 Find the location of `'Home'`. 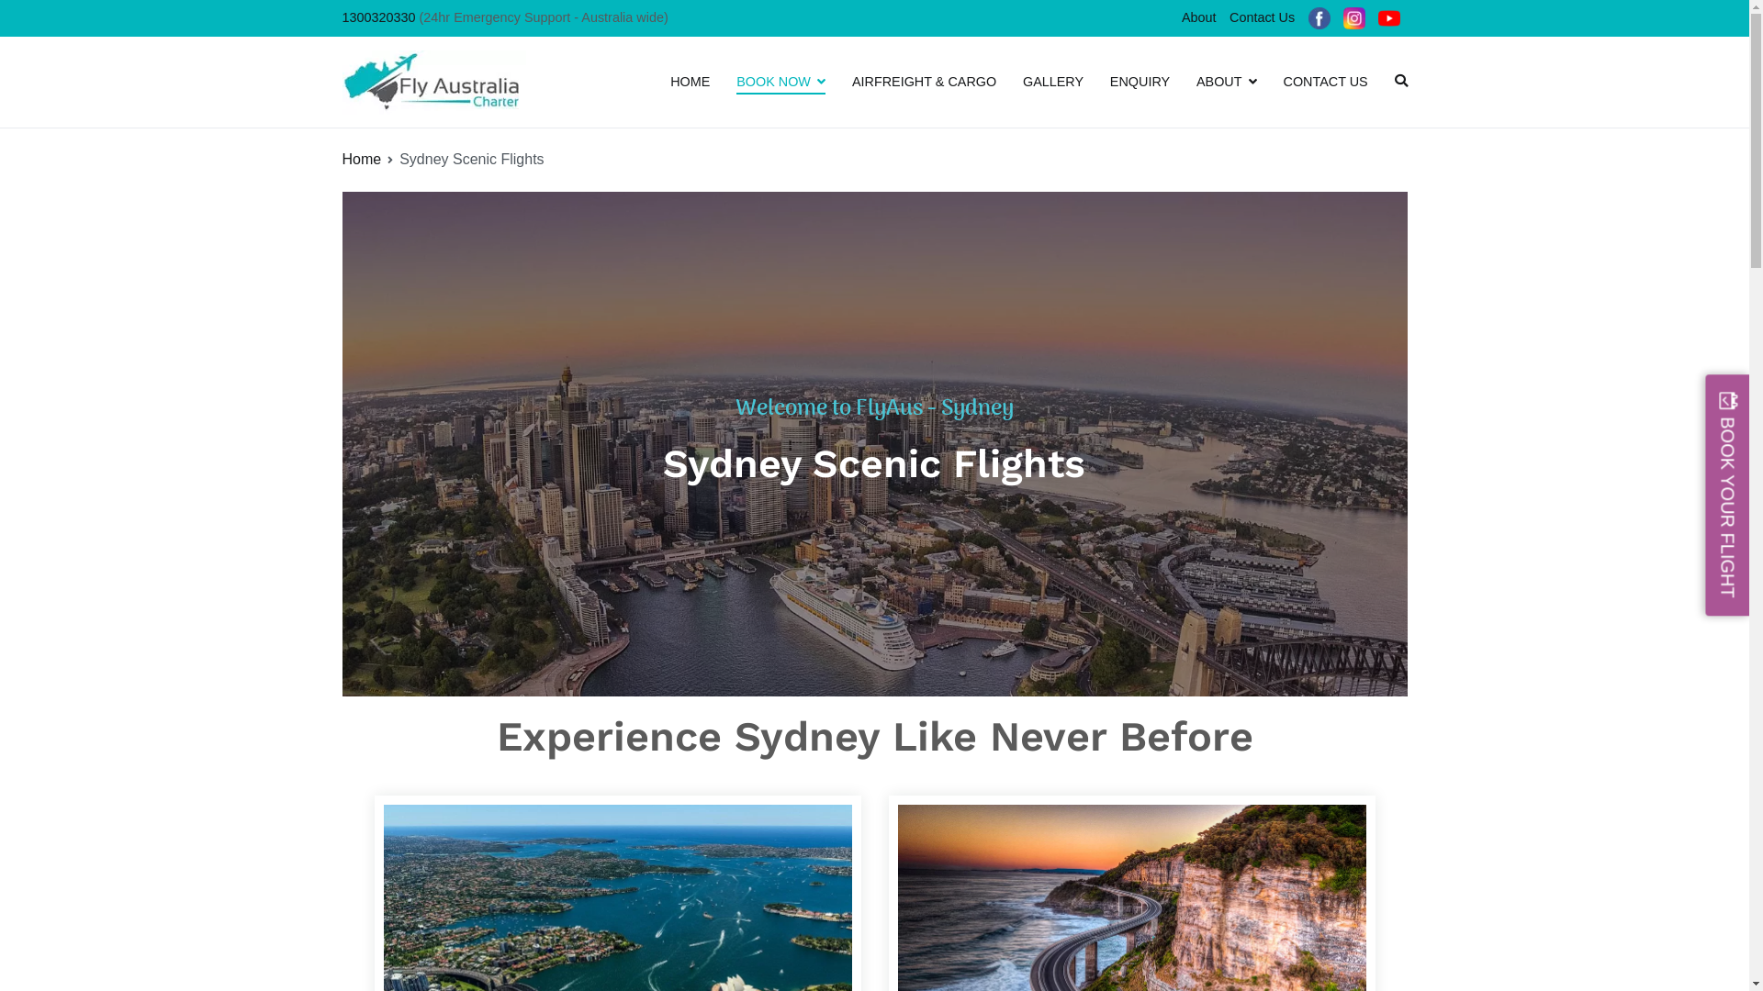

'Home' is located at coordinates (361, 158).